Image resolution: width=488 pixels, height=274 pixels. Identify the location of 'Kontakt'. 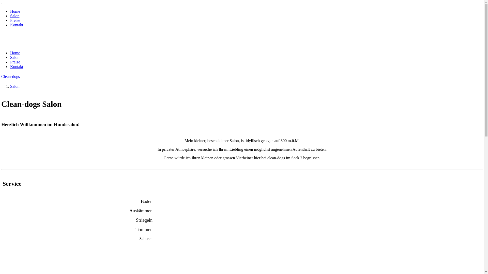
(17, 25).